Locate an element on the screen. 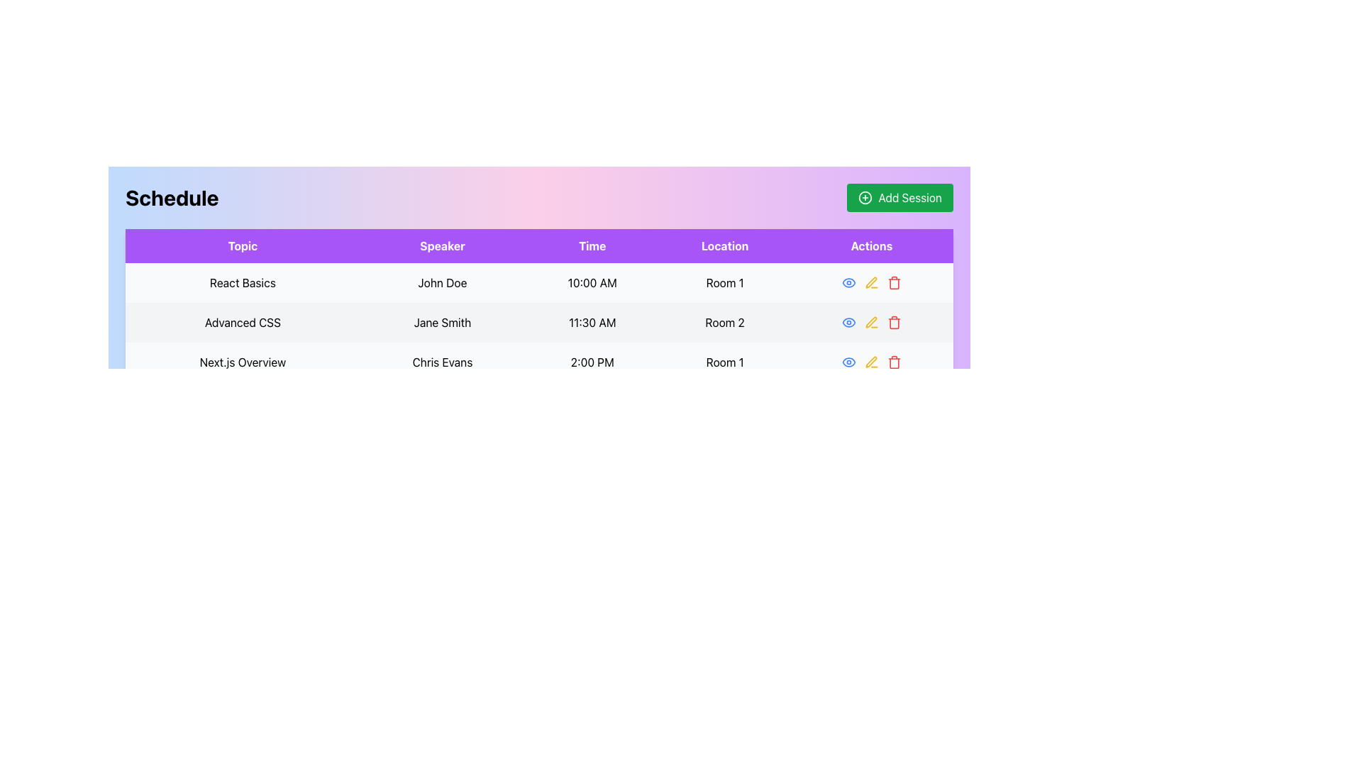  the blue eye icon button located in the last row of the table under the 'Actions' column is located at coordinates (848, 361).